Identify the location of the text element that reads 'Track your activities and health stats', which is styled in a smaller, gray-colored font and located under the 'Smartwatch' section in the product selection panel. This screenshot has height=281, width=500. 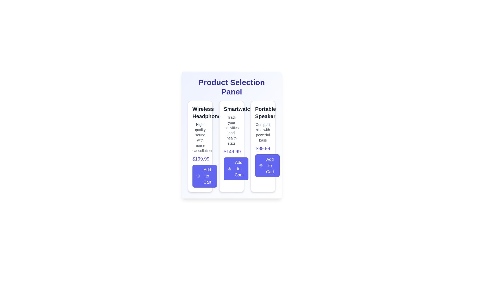
(231, 130).